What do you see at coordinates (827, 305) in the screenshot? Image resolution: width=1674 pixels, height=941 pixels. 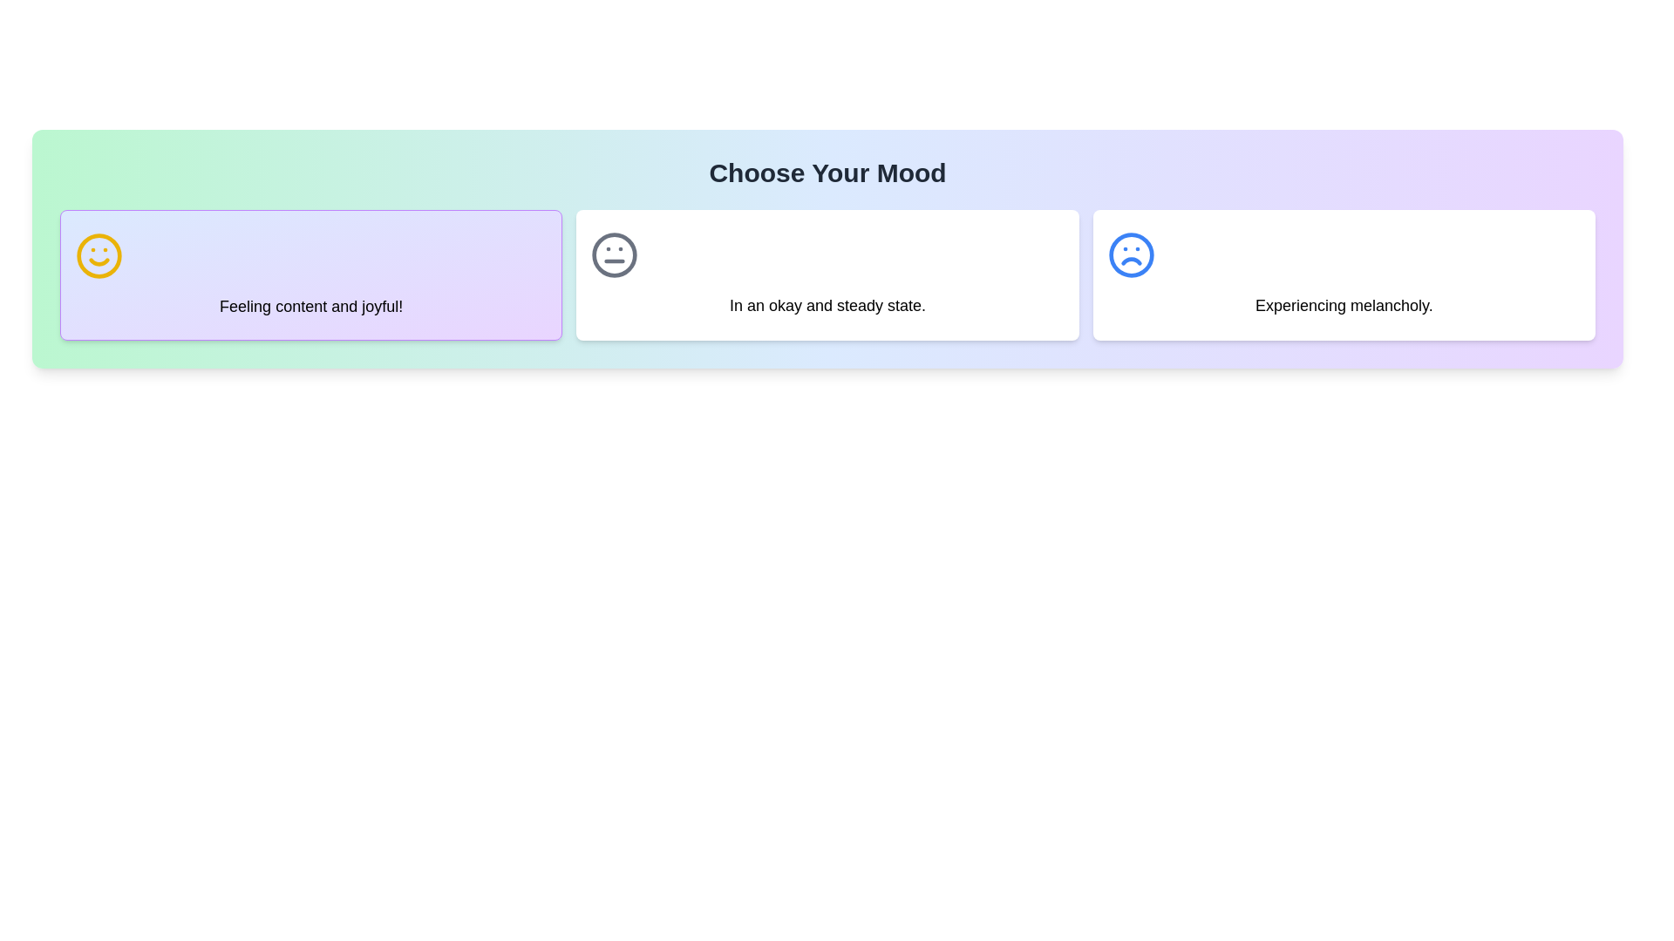 I see `the static text element providing information related to the neutral face icon, located centrally beneath it in the middle card of a horizontal triplet layout` at bounding box center [827, 305].